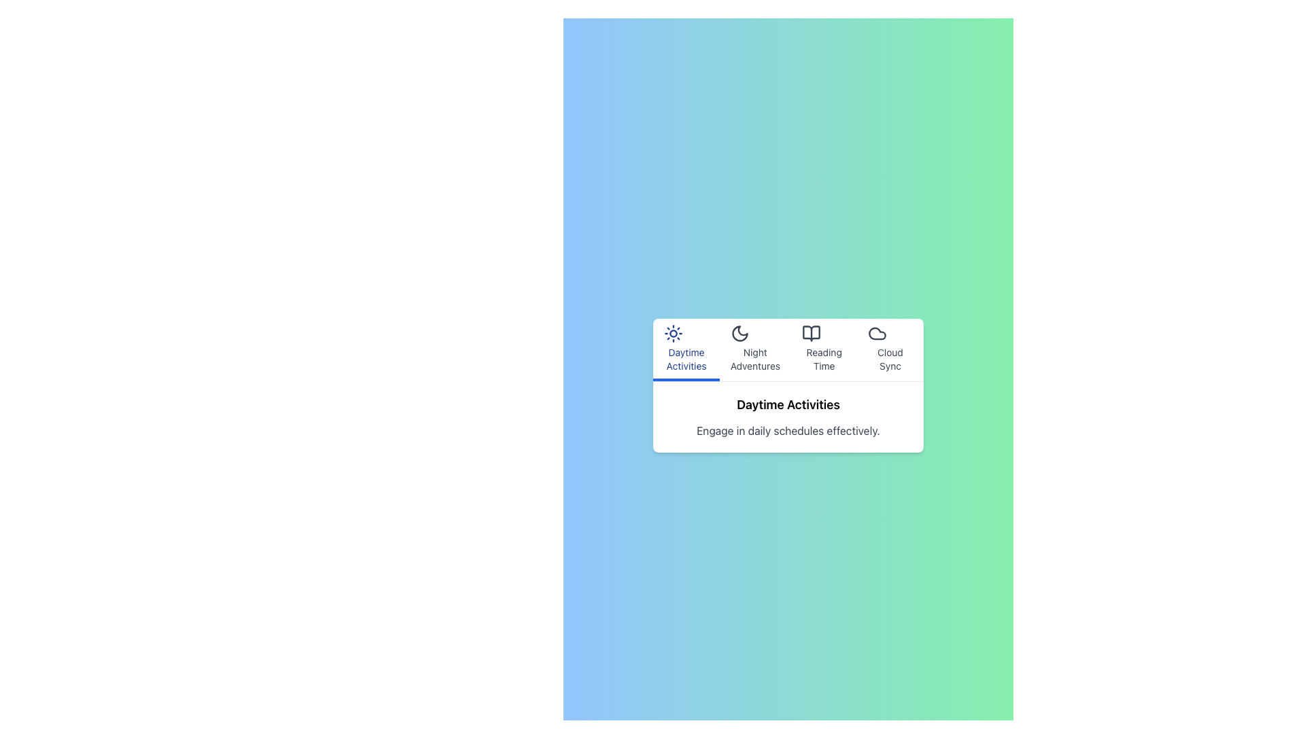 This screenshot has height=734, width=1305. I want to click on the 'Daytime Activities' button in the navigation bar, so click(686, 349).